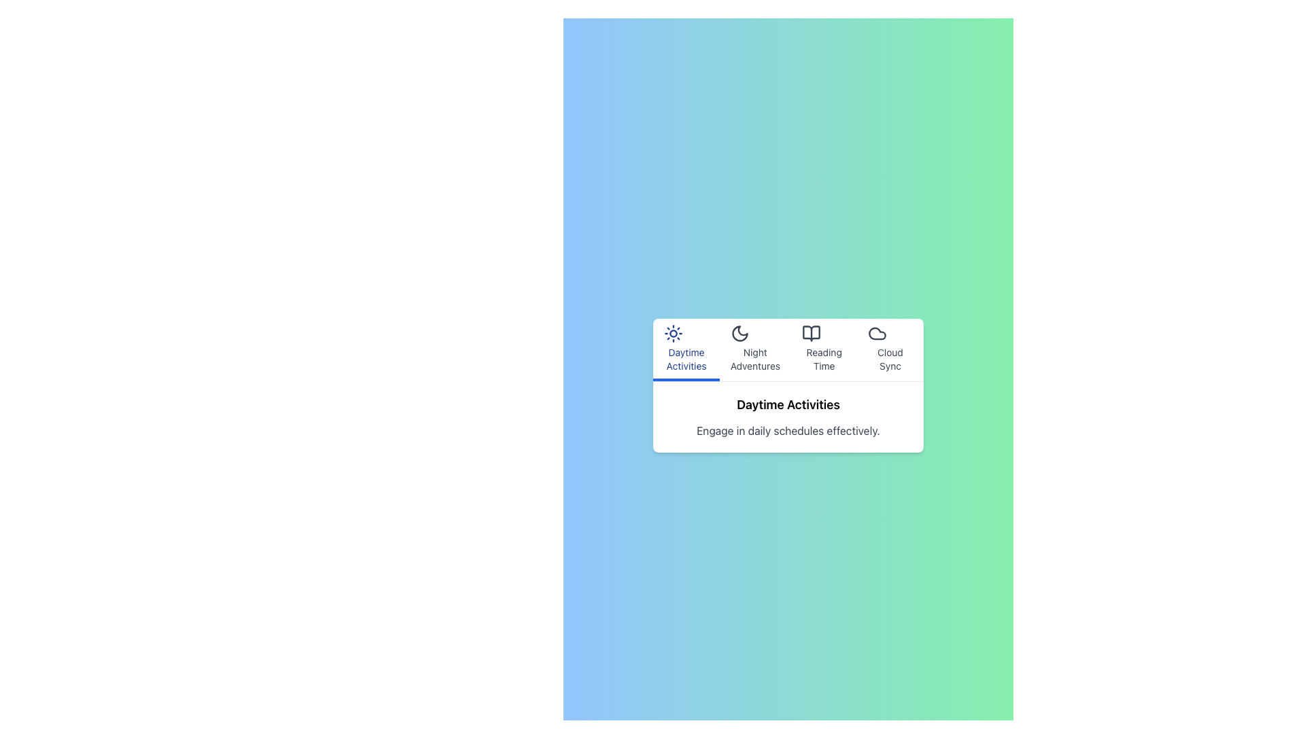 This screenshot has height=734, width=1305. I want to click on the 'Daytime Activities' button in the navigation bar, so click(686, 349).